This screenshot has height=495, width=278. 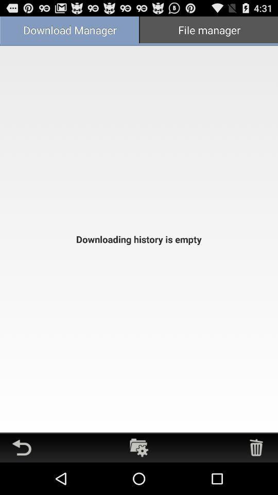 What do you see at coordinates (208, 30) in the screenshot?
I see `the icon at the top right corner` at bounding box center [208, 30].